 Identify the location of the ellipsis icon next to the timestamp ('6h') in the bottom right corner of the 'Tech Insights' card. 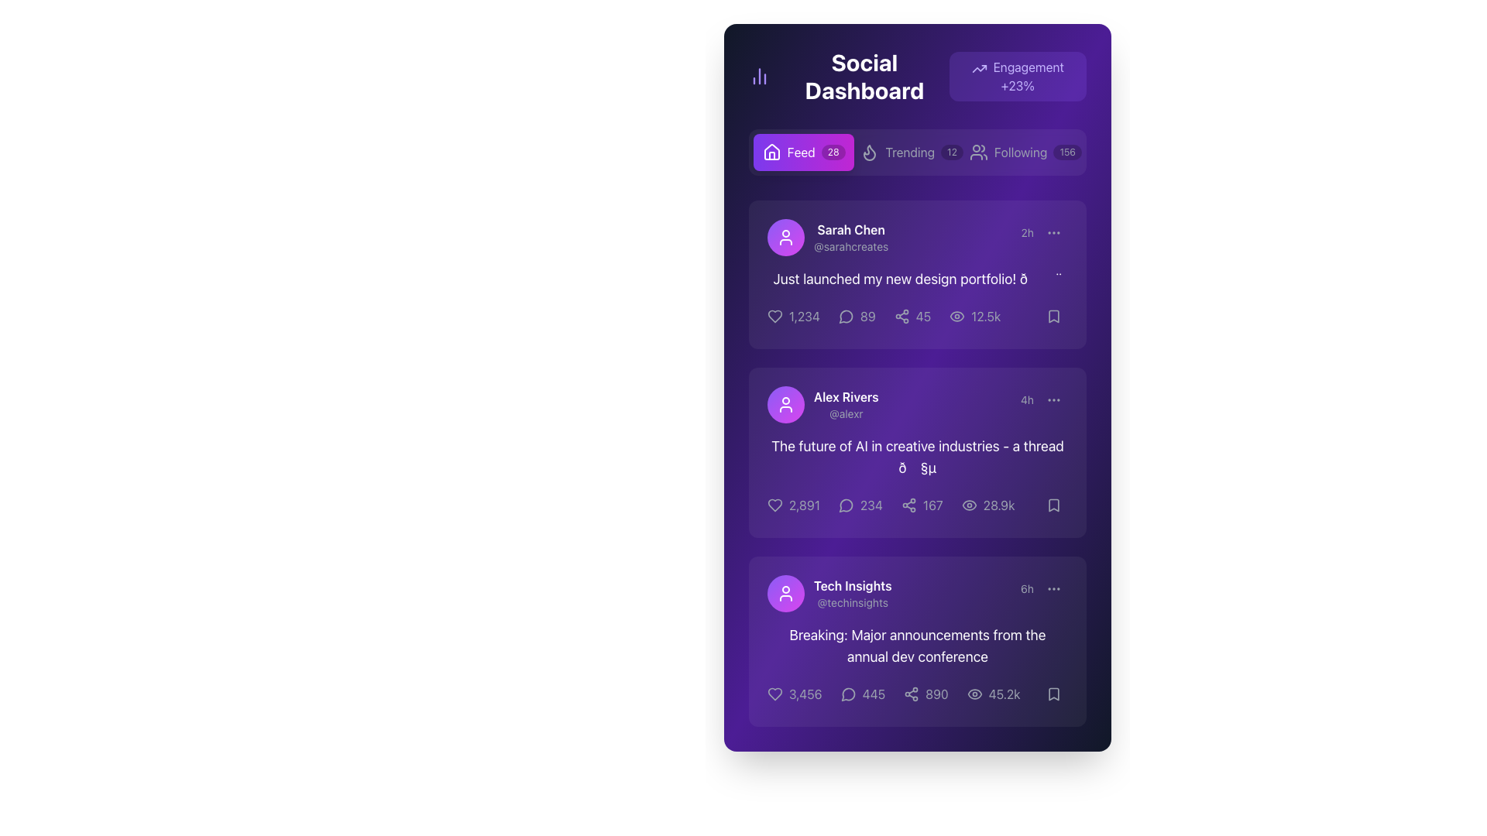
(1044, 588).